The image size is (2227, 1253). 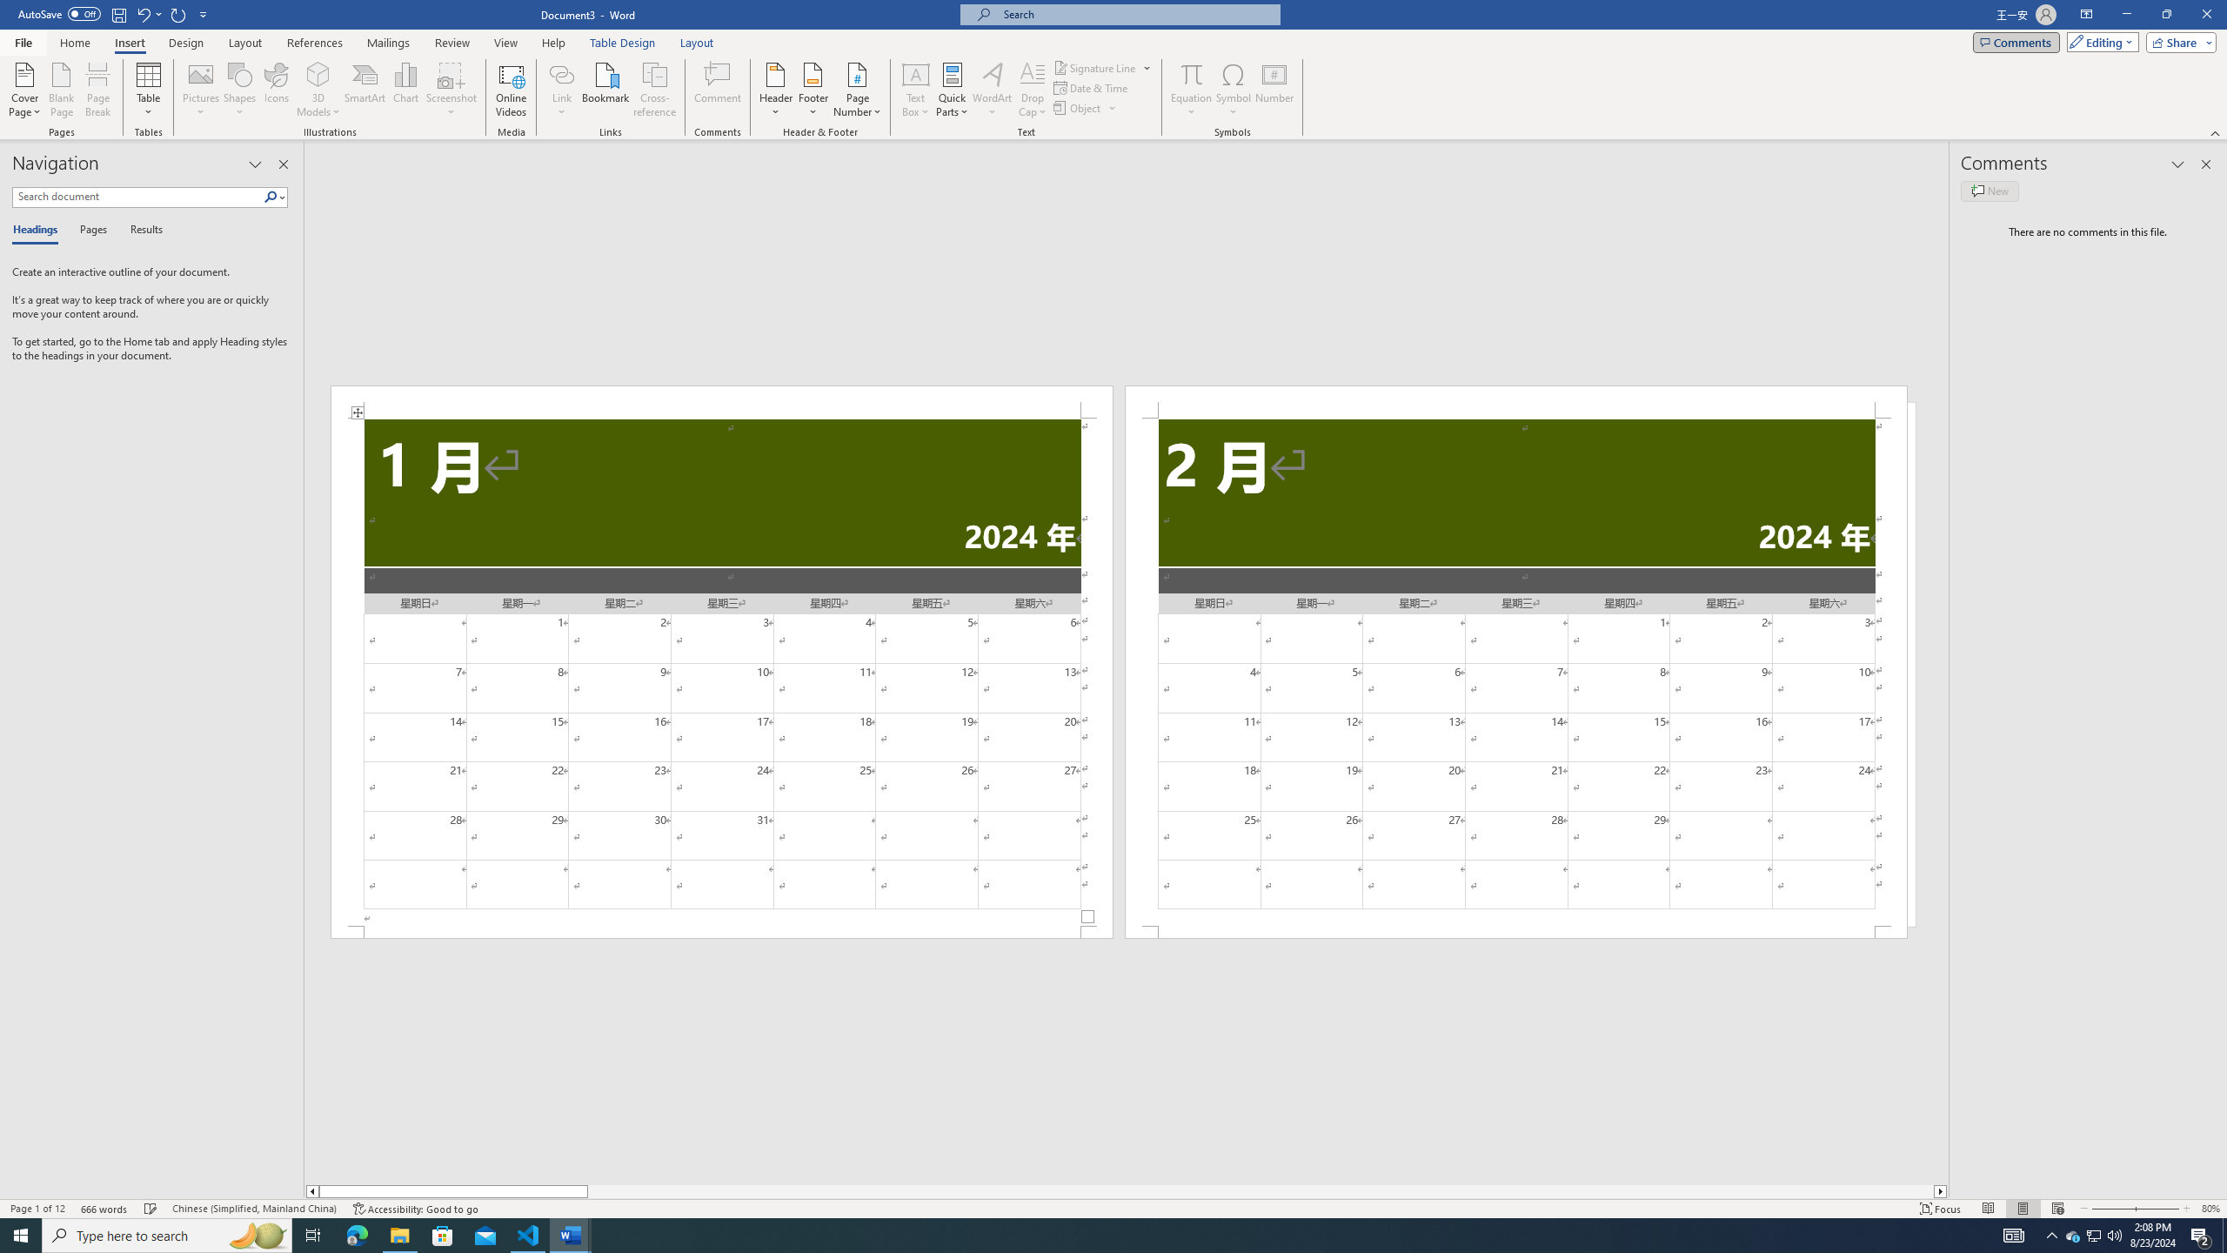 I want to click on 'Focus ', so click(x=1940, y=1209).